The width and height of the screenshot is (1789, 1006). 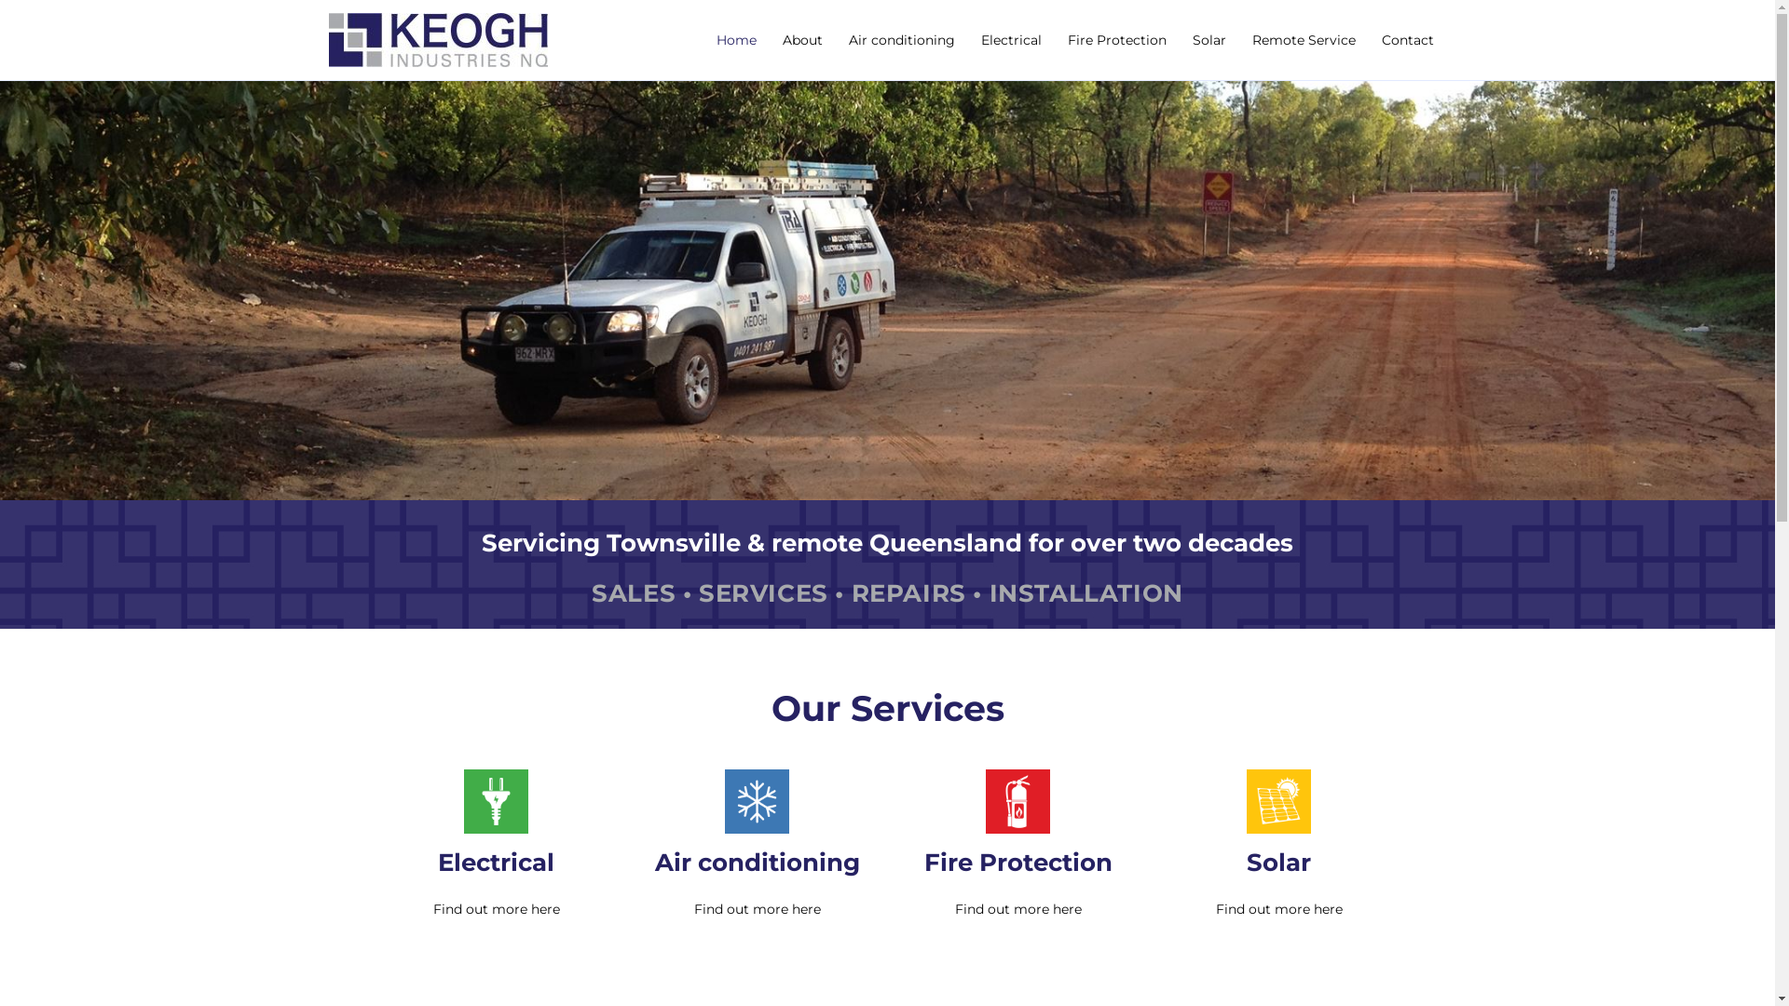 What do you see at coordinates (496, 862) in the screenshot?
I see `'Electrical'` at bounding box center [496, 862].